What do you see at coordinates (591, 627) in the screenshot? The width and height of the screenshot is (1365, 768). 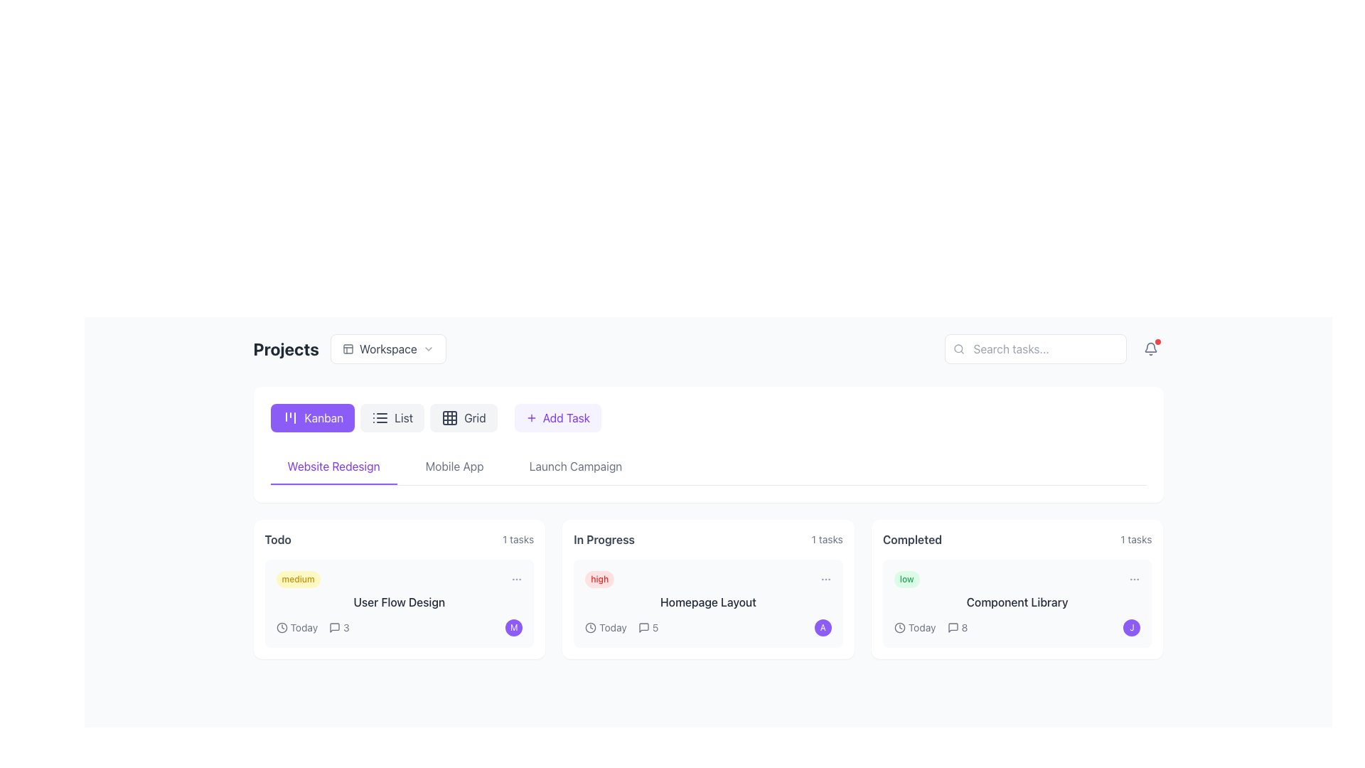 I see `the Decorative SVG circle element, which is a minimalist clock face decoration located in the 'In Progress' card section, at the bottom-left of the card` at bounding box center [591, 627].